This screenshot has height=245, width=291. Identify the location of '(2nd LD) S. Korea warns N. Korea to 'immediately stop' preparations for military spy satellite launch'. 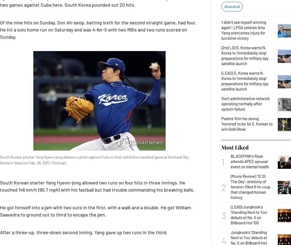
(245, 55).